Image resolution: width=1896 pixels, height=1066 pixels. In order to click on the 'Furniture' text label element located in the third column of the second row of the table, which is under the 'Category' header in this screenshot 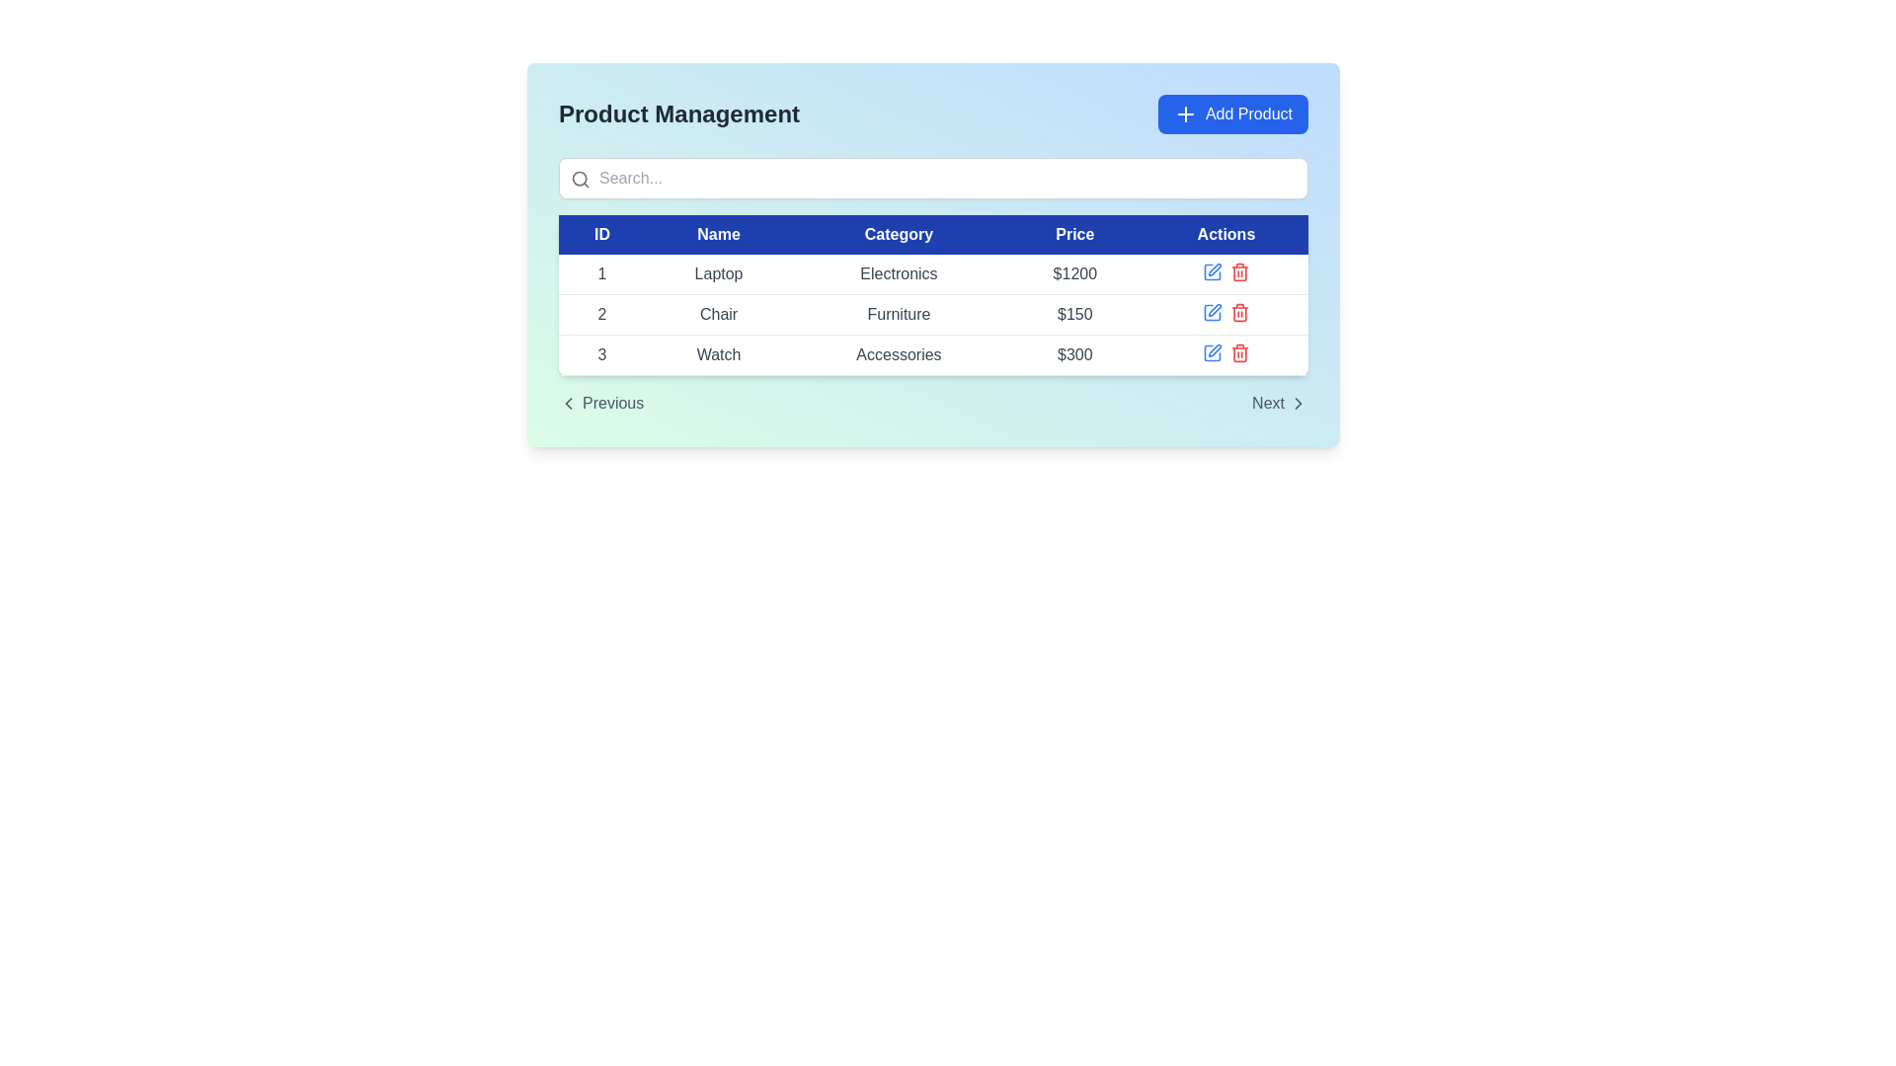, I will do `click(898, 314)`.